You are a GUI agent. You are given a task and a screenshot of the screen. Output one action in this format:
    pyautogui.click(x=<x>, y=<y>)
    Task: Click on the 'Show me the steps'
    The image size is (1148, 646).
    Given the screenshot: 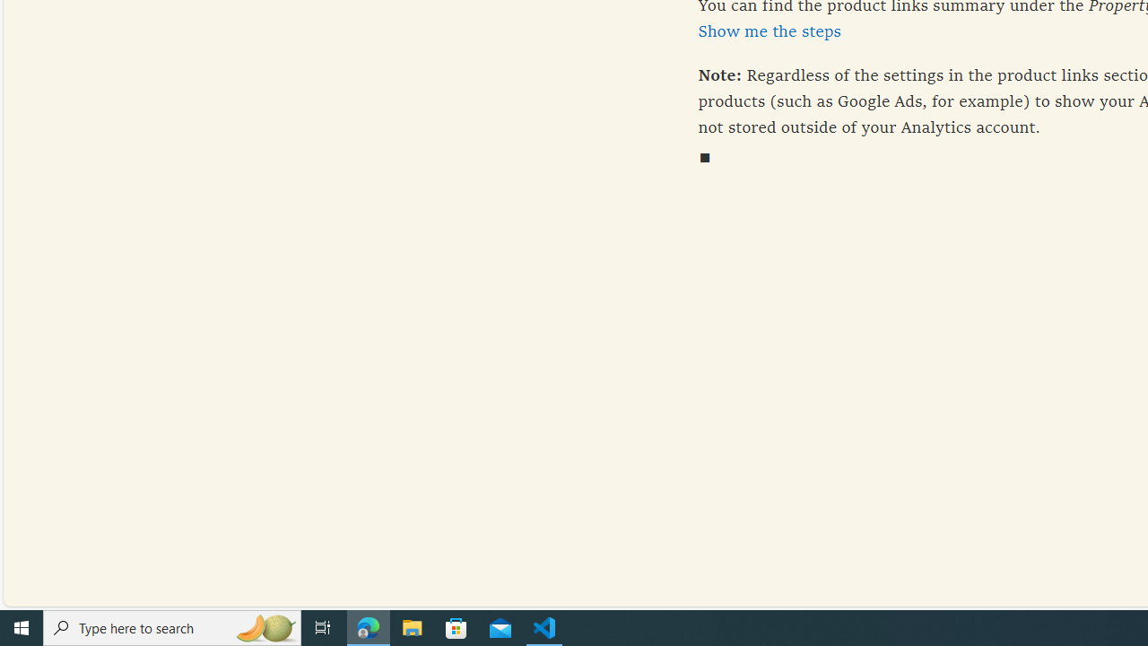 What is the action you would take?
    pyautogui.click(x=770, y=31)
    